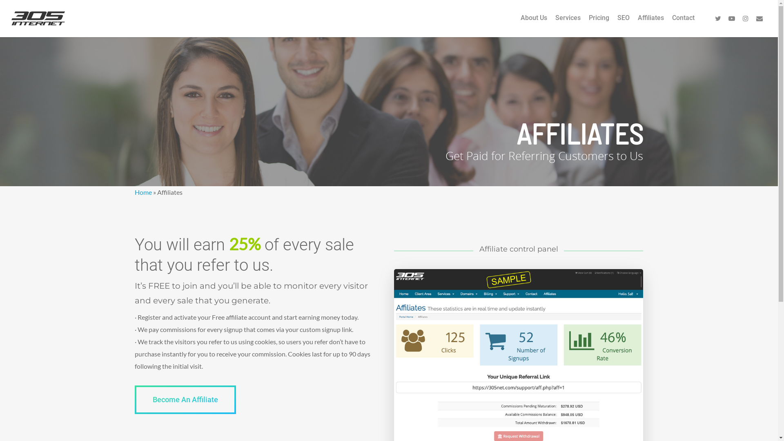  Describe the element at coordinates (599, 23) in the screenshot. I see `'Pricing'` at that location.